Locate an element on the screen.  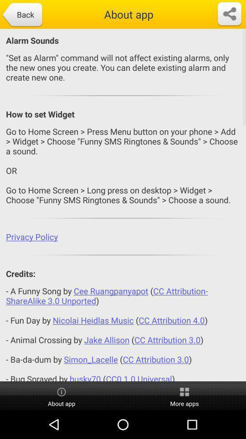
the icon next to about app icon is located at coordinates (184, 396).